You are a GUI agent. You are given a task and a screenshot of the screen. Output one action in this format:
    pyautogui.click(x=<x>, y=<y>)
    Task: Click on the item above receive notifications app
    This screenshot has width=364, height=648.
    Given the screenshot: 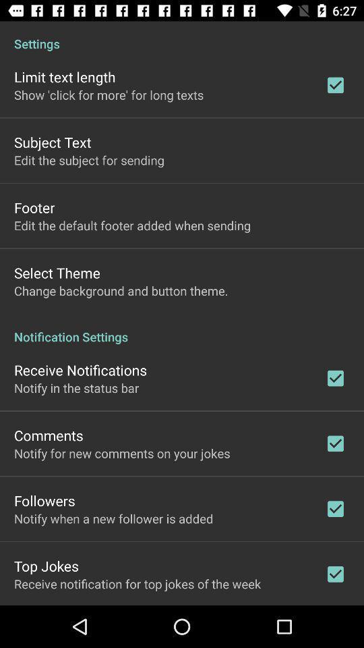 What is the action you would take?
    pyautogui.click(x=182, y=329)
    